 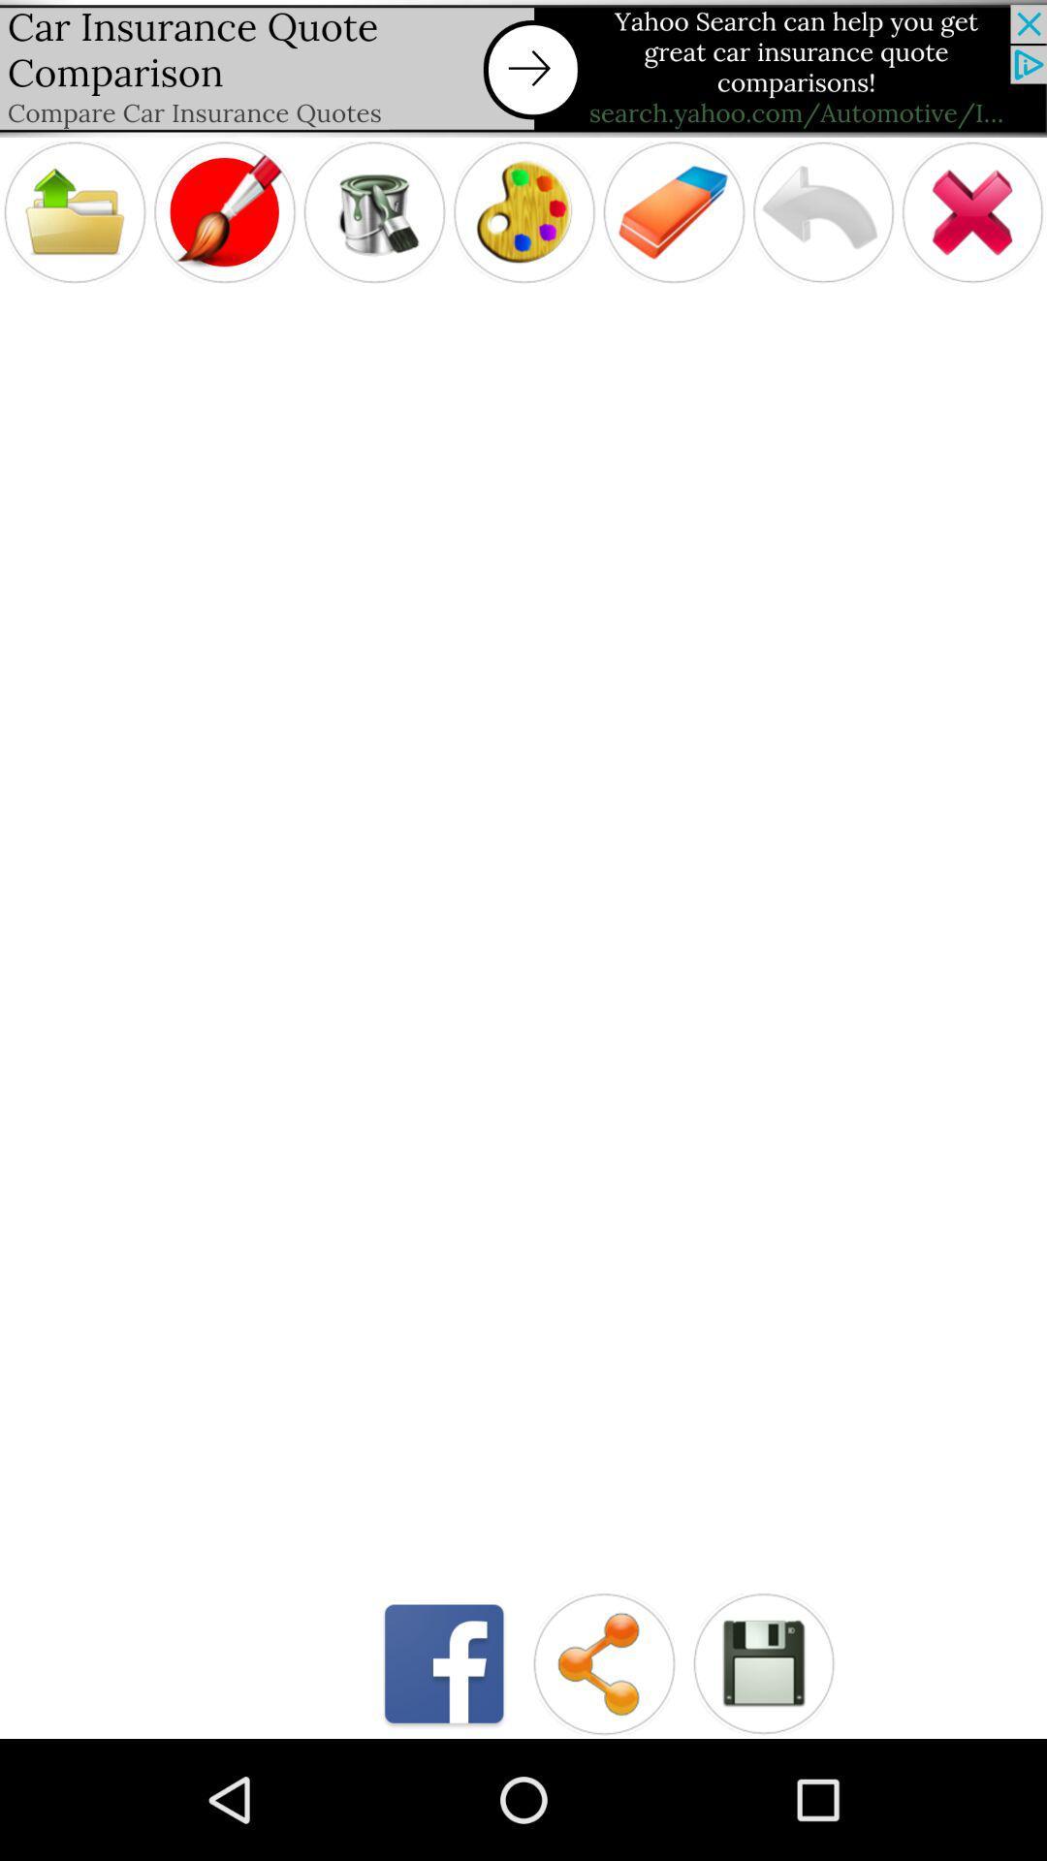 What do you see at coordinates (673, 212) in the screenshot?
I see `ereser` at bounding box center [673, 212].